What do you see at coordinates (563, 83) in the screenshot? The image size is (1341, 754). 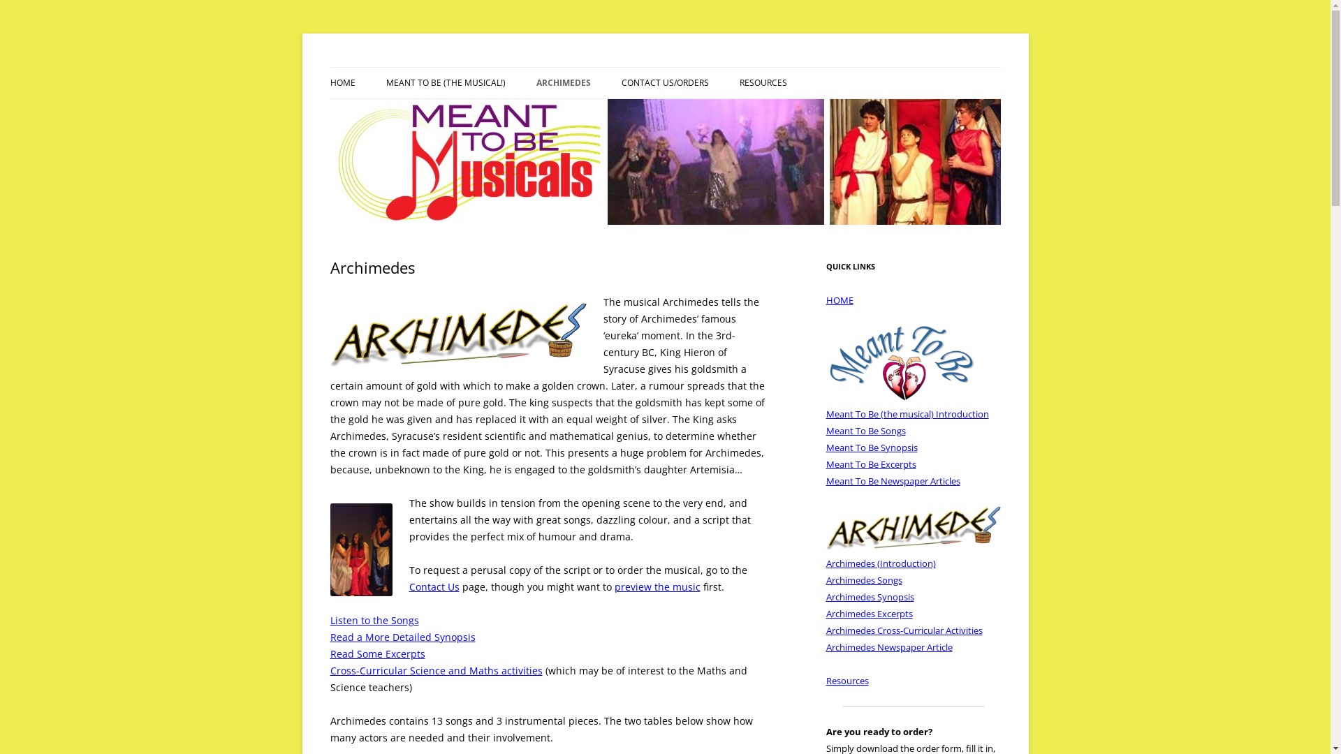 I see `'ARCHIMEDES'` at bounding box center [563, 83].